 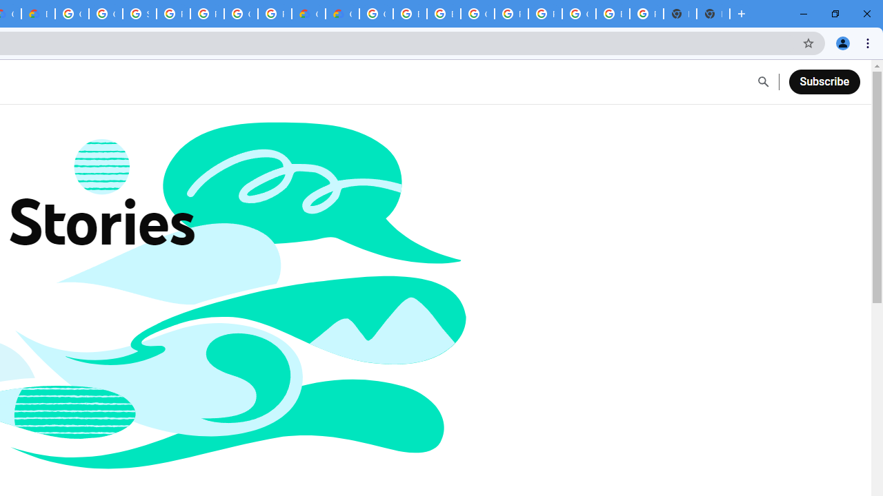 What do you see at coordinates (713, 14) in the screenshot?
I see `'New Tab'` at bounding box center [713, 14].